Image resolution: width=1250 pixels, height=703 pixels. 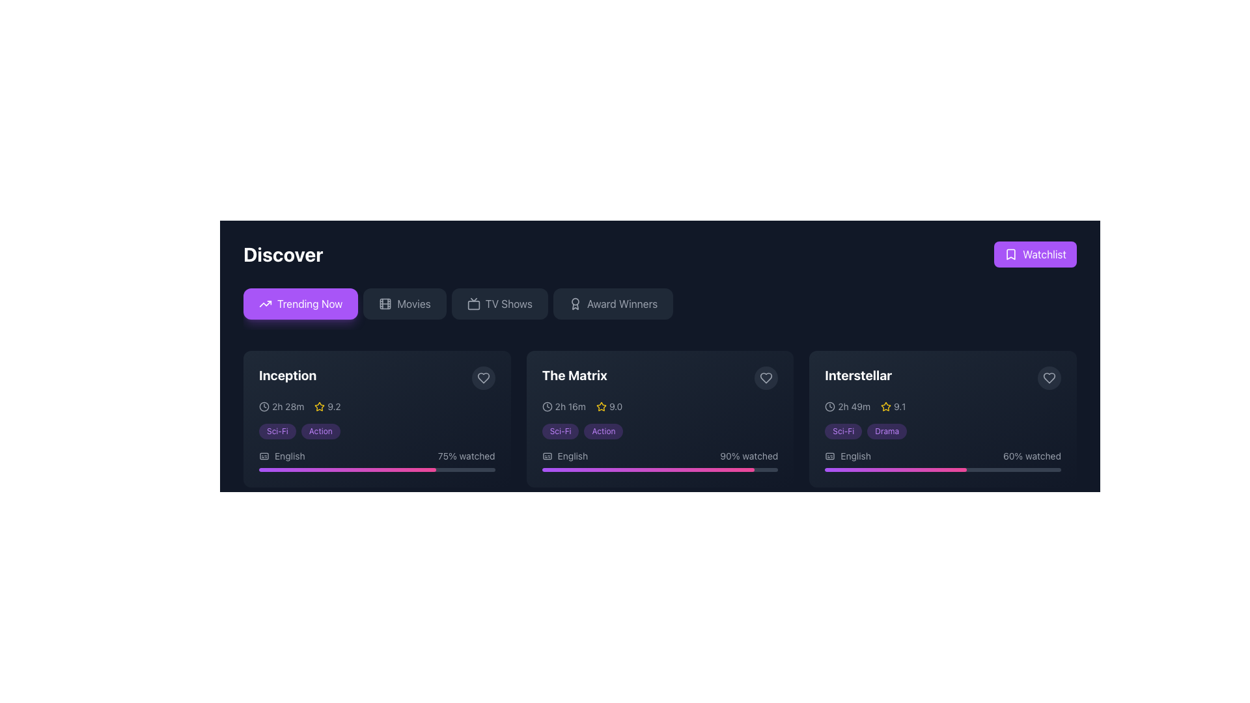 I want to click on the clock icon located at the top left corner of the movie 'The Matrix' card, before the duration text '2h 16m', so click(x=547, y=406).